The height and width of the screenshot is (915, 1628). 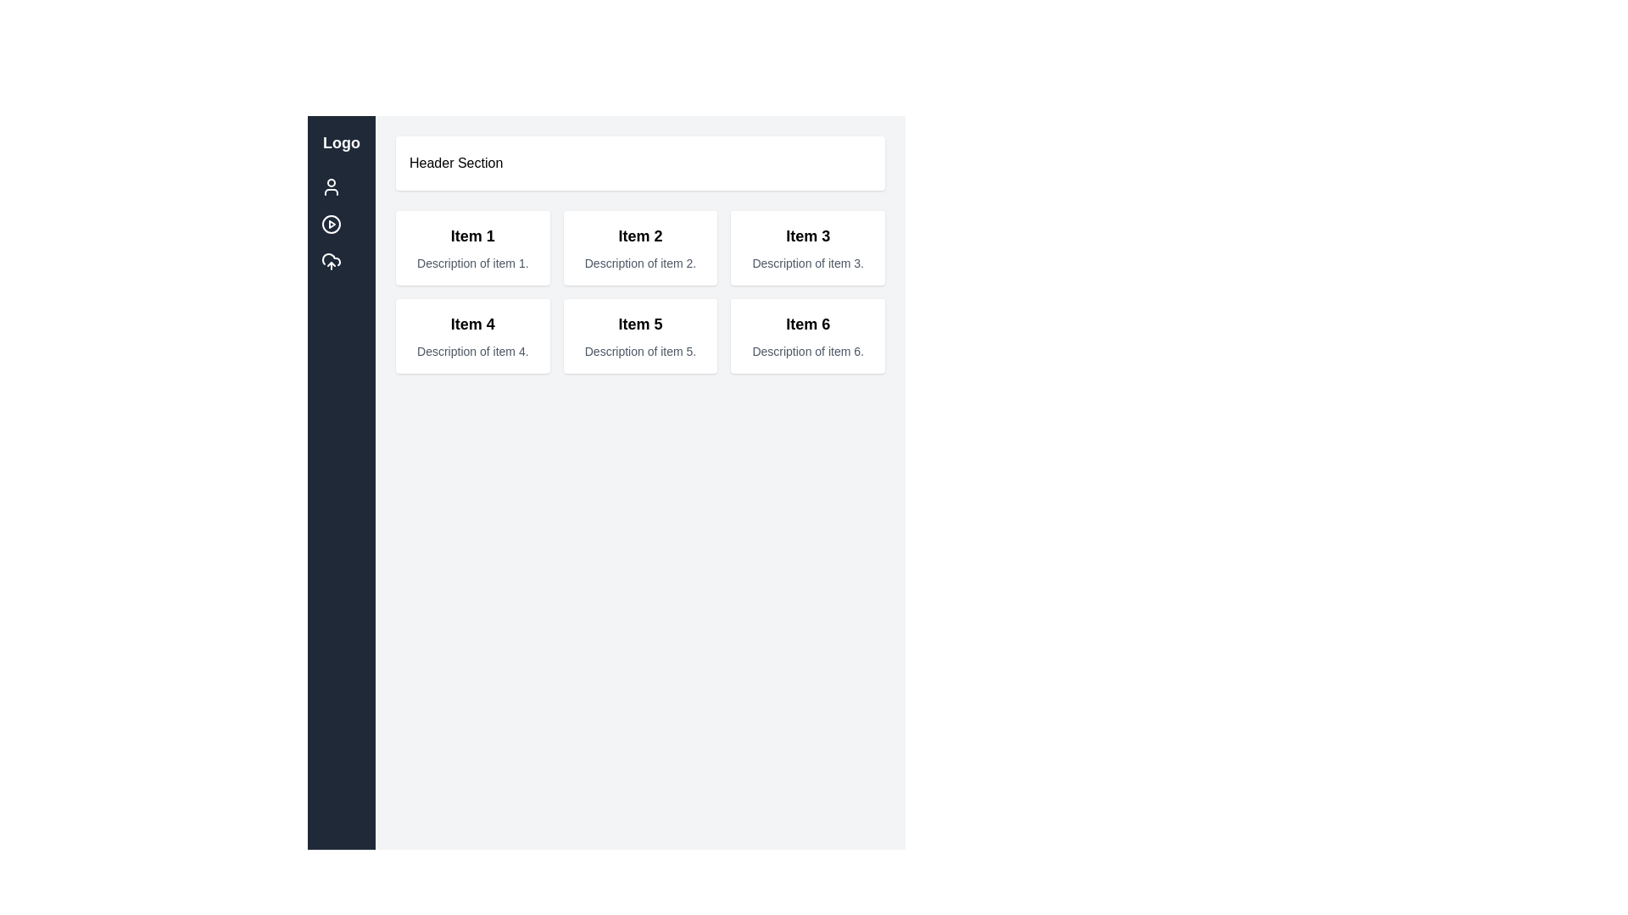 What do you see at coordinates (807, 324) in the screenshot?
I see `text label 'Item 6' which is displayed in bold, large font as part of the bottom-right card in a grid layout of items` at bounding box center [807, 324].